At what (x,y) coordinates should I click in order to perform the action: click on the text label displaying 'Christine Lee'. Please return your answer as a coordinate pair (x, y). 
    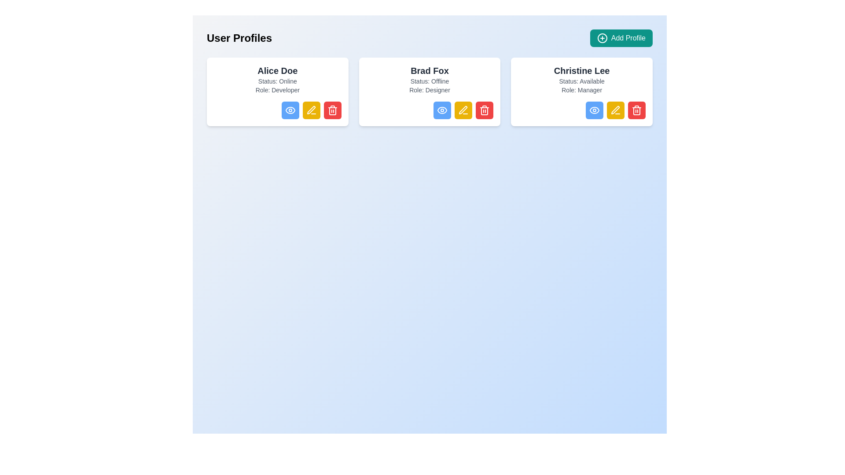
    Looking at the image, I should click on (582, 70).